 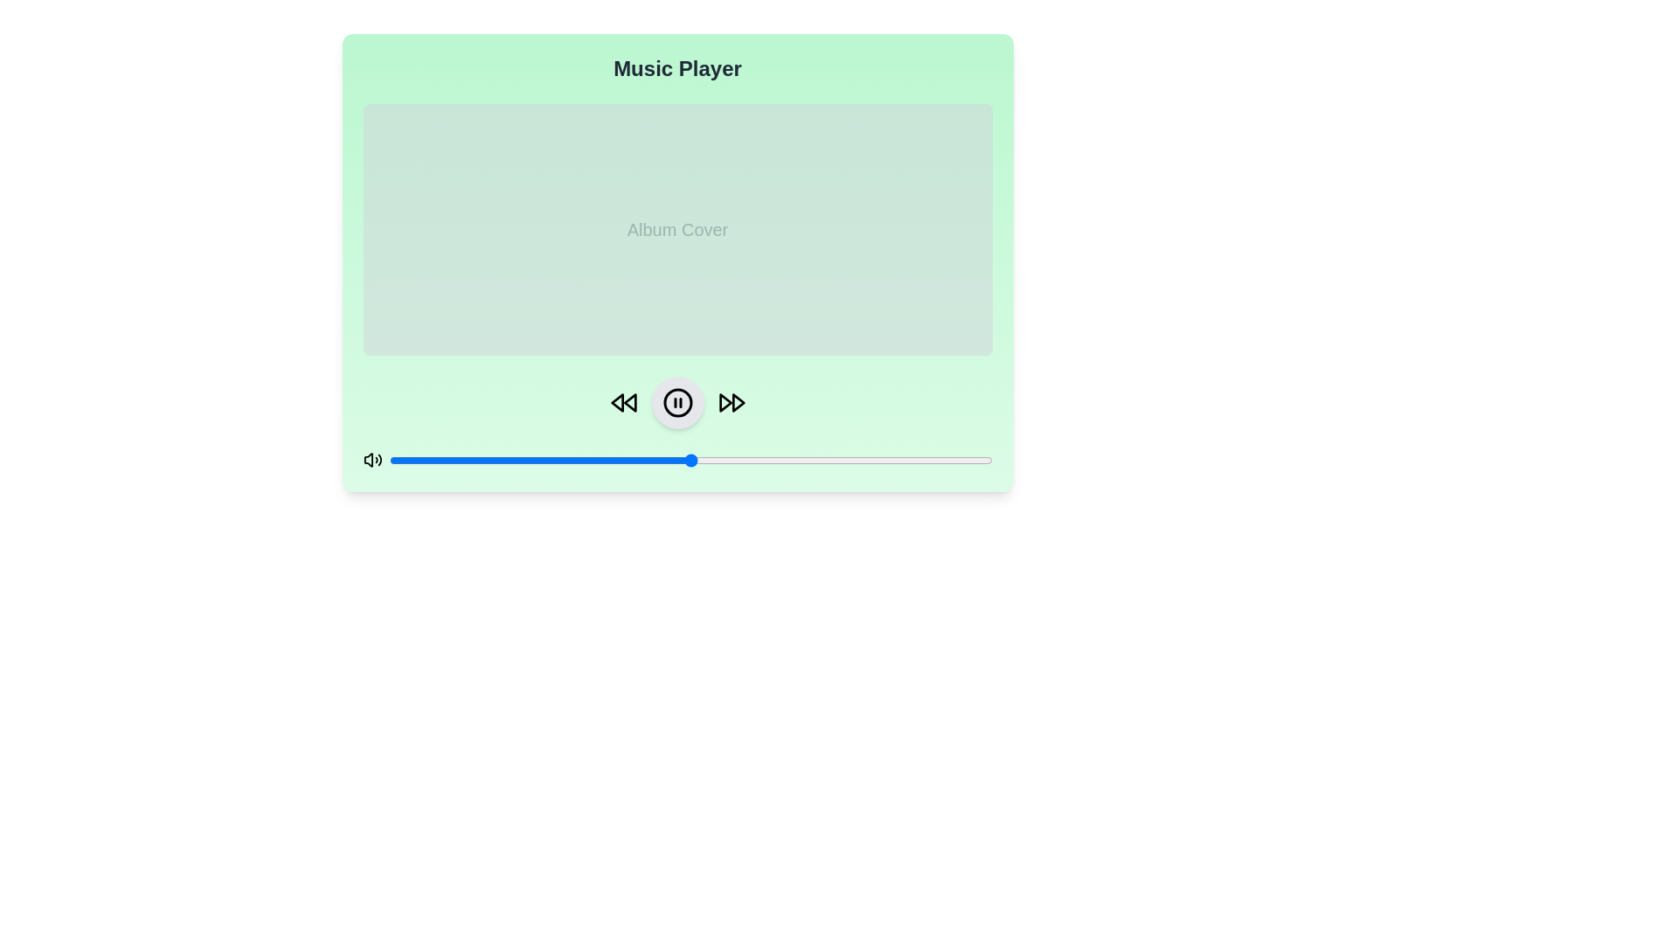 What do you see at coordinates (576, 460) in the screenshot?
I see `volume level` at bounding box center [576, 460].